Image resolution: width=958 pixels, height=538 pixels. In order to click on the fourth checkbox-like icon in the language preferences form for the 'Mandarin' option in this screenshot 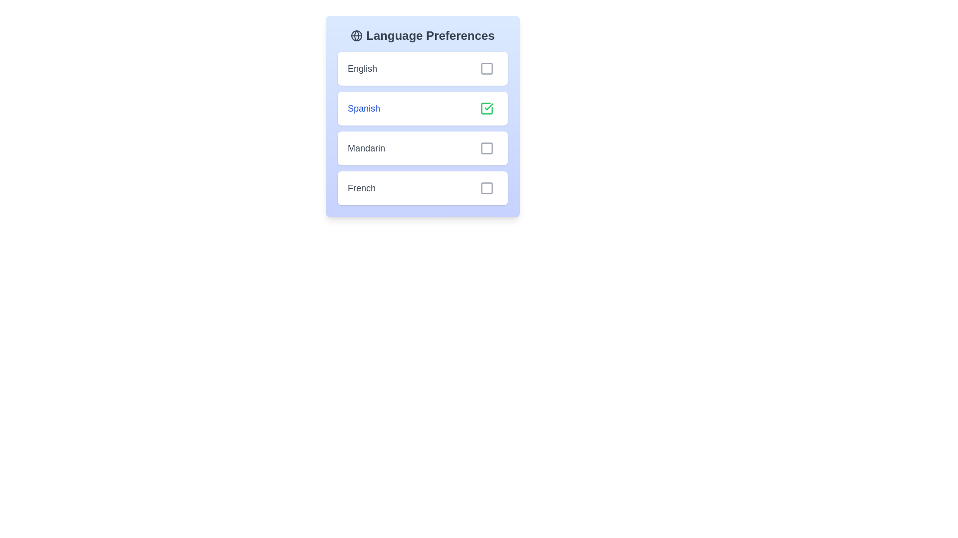, I will do `click(486, 148)`.